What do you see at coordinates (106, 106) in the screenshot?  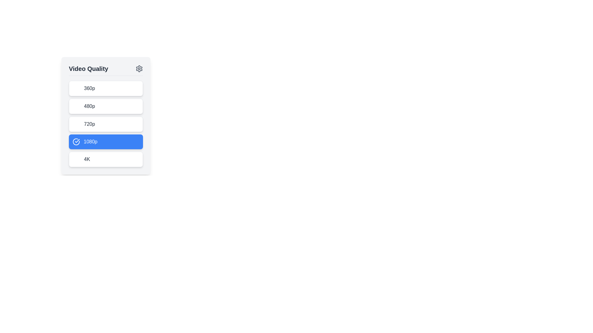 I see `the second button in the vertically organized list of video quality options` at bounding box center [106, 106].